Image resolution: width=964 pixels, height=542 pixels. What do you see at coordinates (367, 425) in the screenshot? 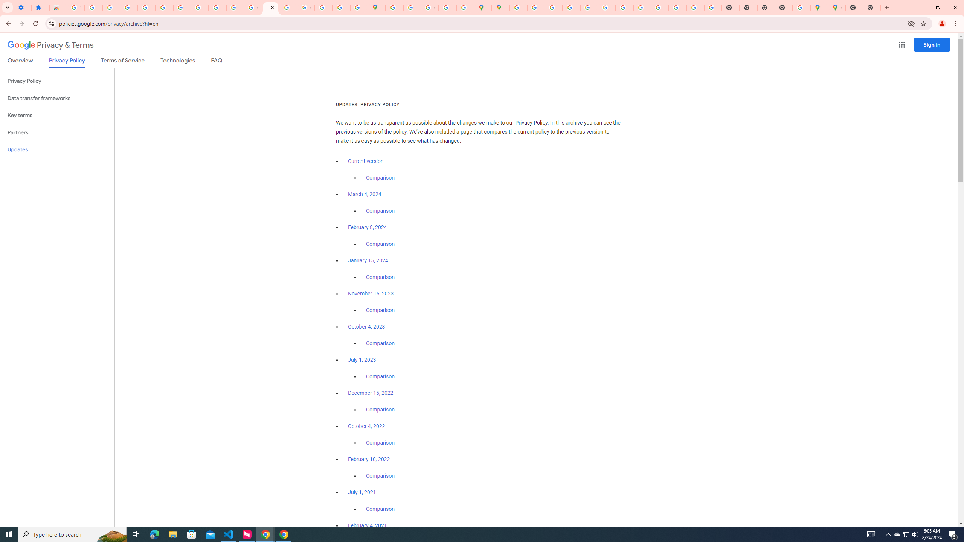
I see `'October 4, 2022'` at bounding box center [367, 425].